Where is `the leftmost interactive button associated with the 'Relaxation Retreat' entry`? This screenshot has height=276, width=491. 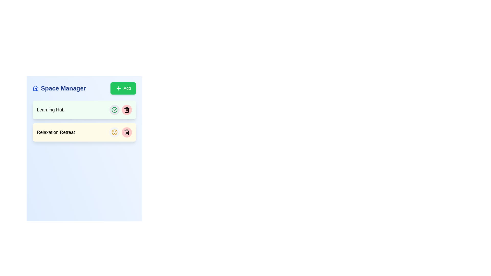
the leftmost interactive button associated with the 'Relaxation Retreat' entry is located at coordinates (114, 132).